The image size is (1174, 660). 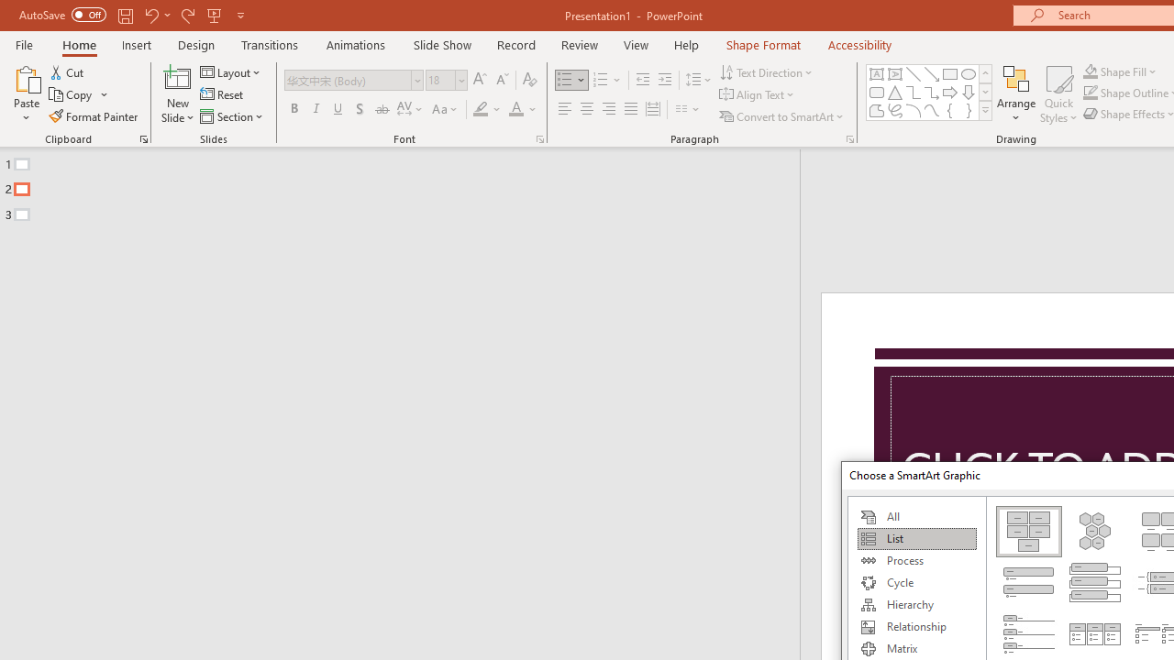 I want to click on 'Freeform: Scribble', so click(x=895, y=110).